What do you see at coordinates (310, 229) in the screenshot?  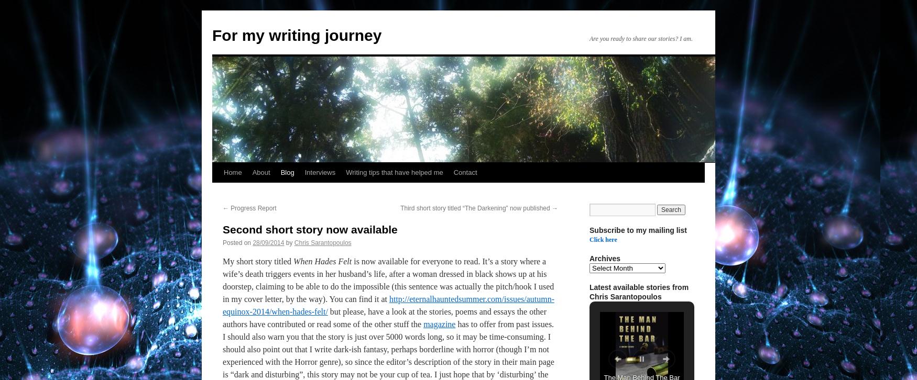 I see `'Second short story now available'` at bounding box center [310, 229].